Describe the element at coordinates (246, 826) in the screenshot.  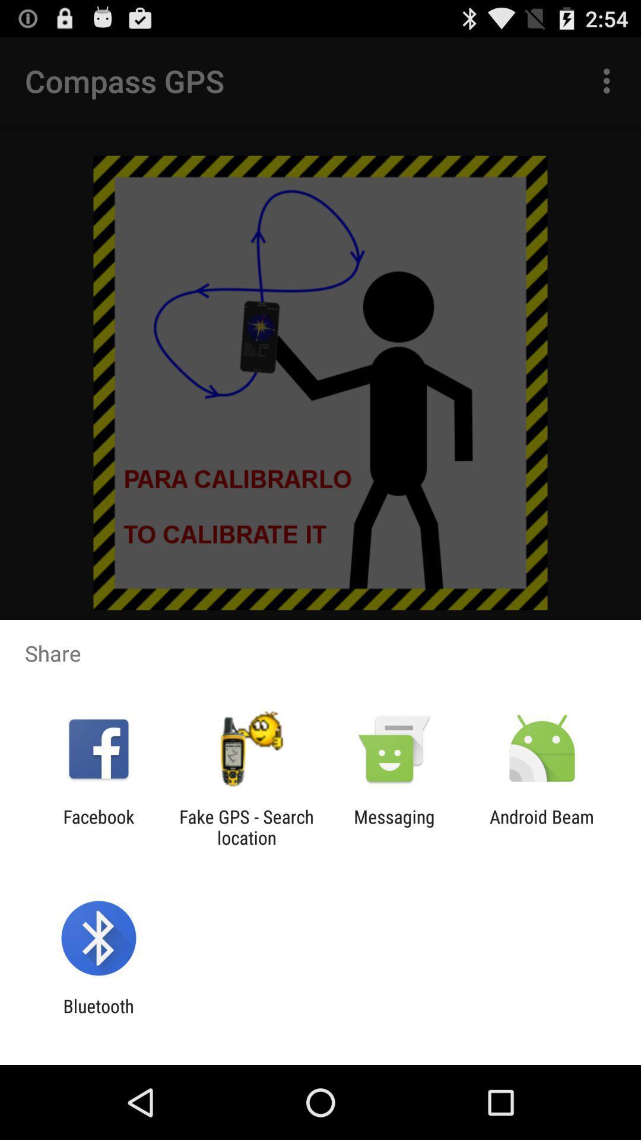
I see `item to the left of messaging item` at that location.